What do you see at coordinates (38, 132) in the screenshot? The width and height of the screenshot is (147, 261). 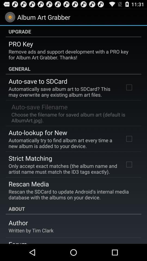 I see `app below the choose the filename app` at bounding box center [38, 132].